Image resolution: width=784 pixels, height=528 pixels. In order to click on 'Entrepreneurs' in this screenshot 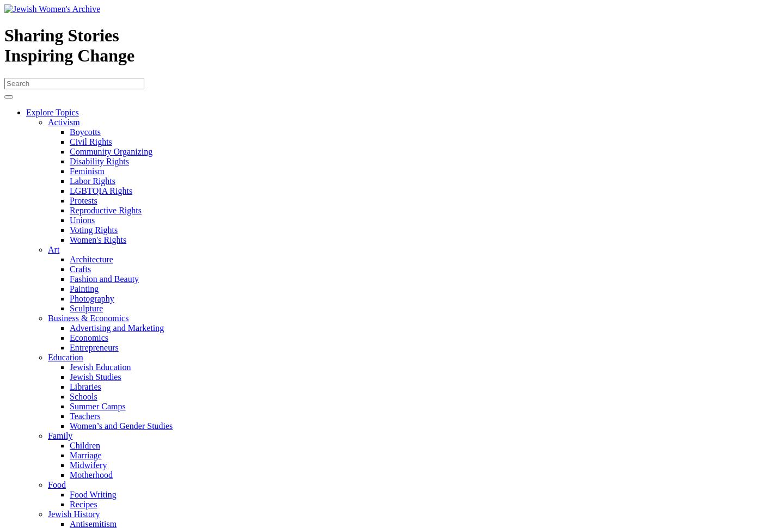, I will do `click(93, 346)`.